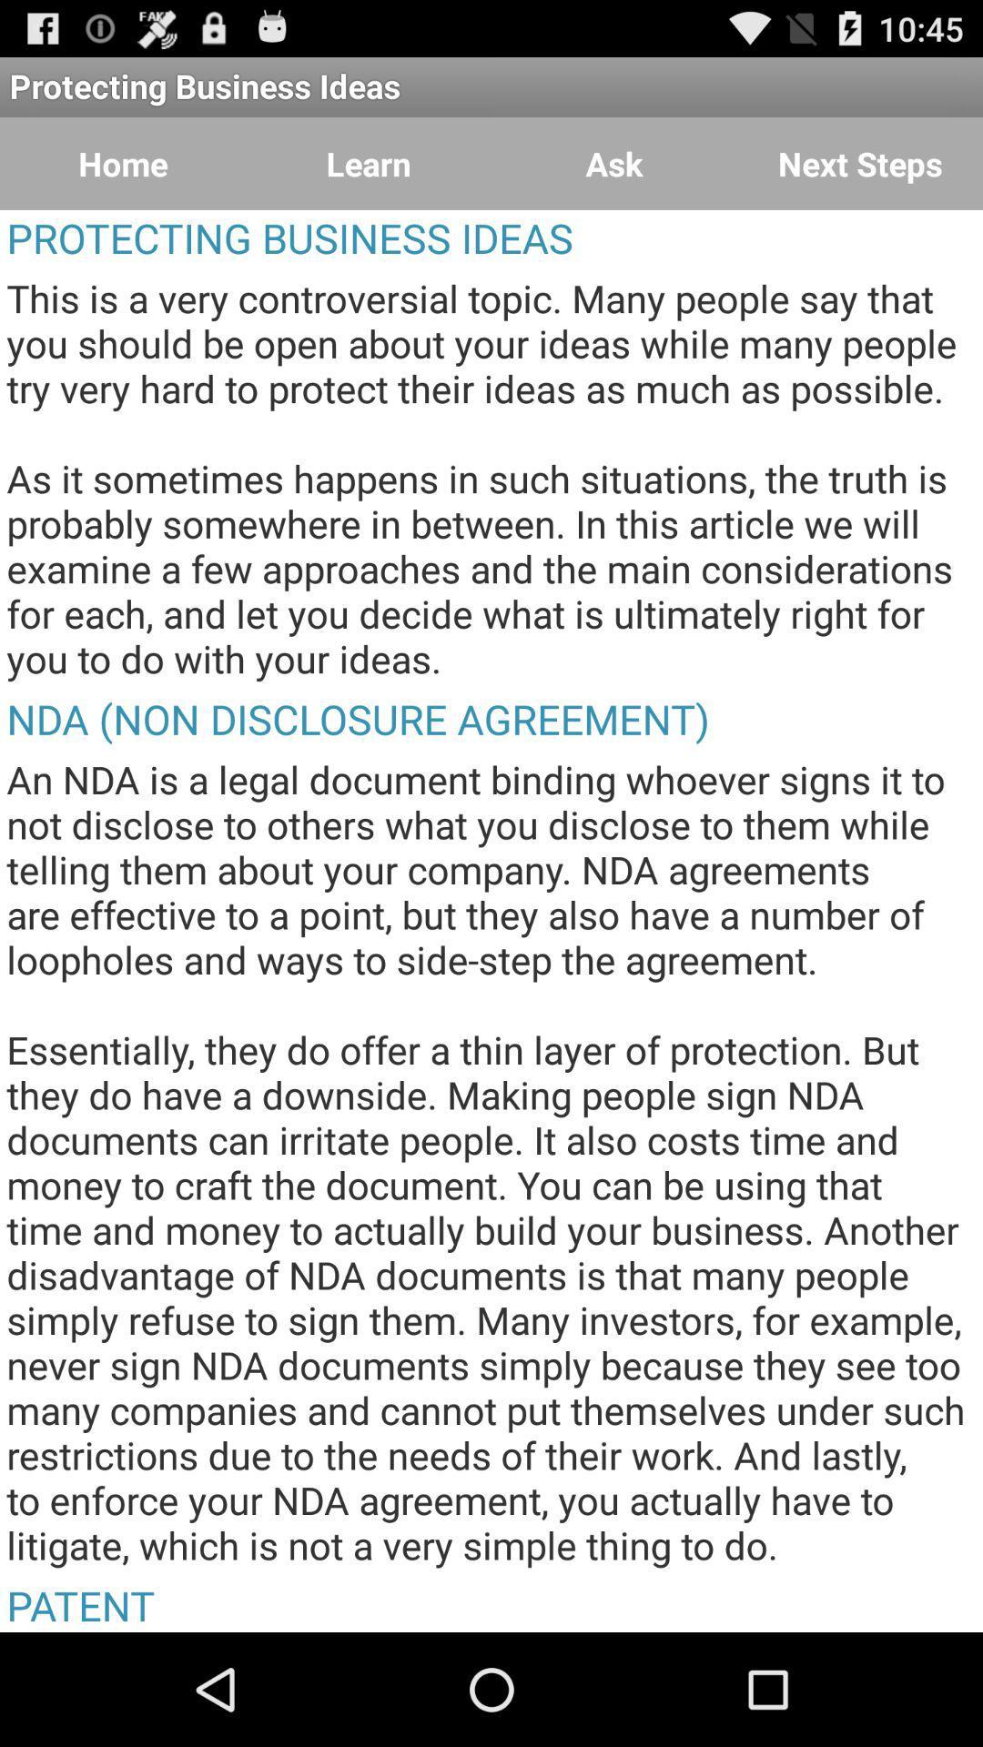 The image size is (983, 1747). I want to click on home item, so click(123, 164).